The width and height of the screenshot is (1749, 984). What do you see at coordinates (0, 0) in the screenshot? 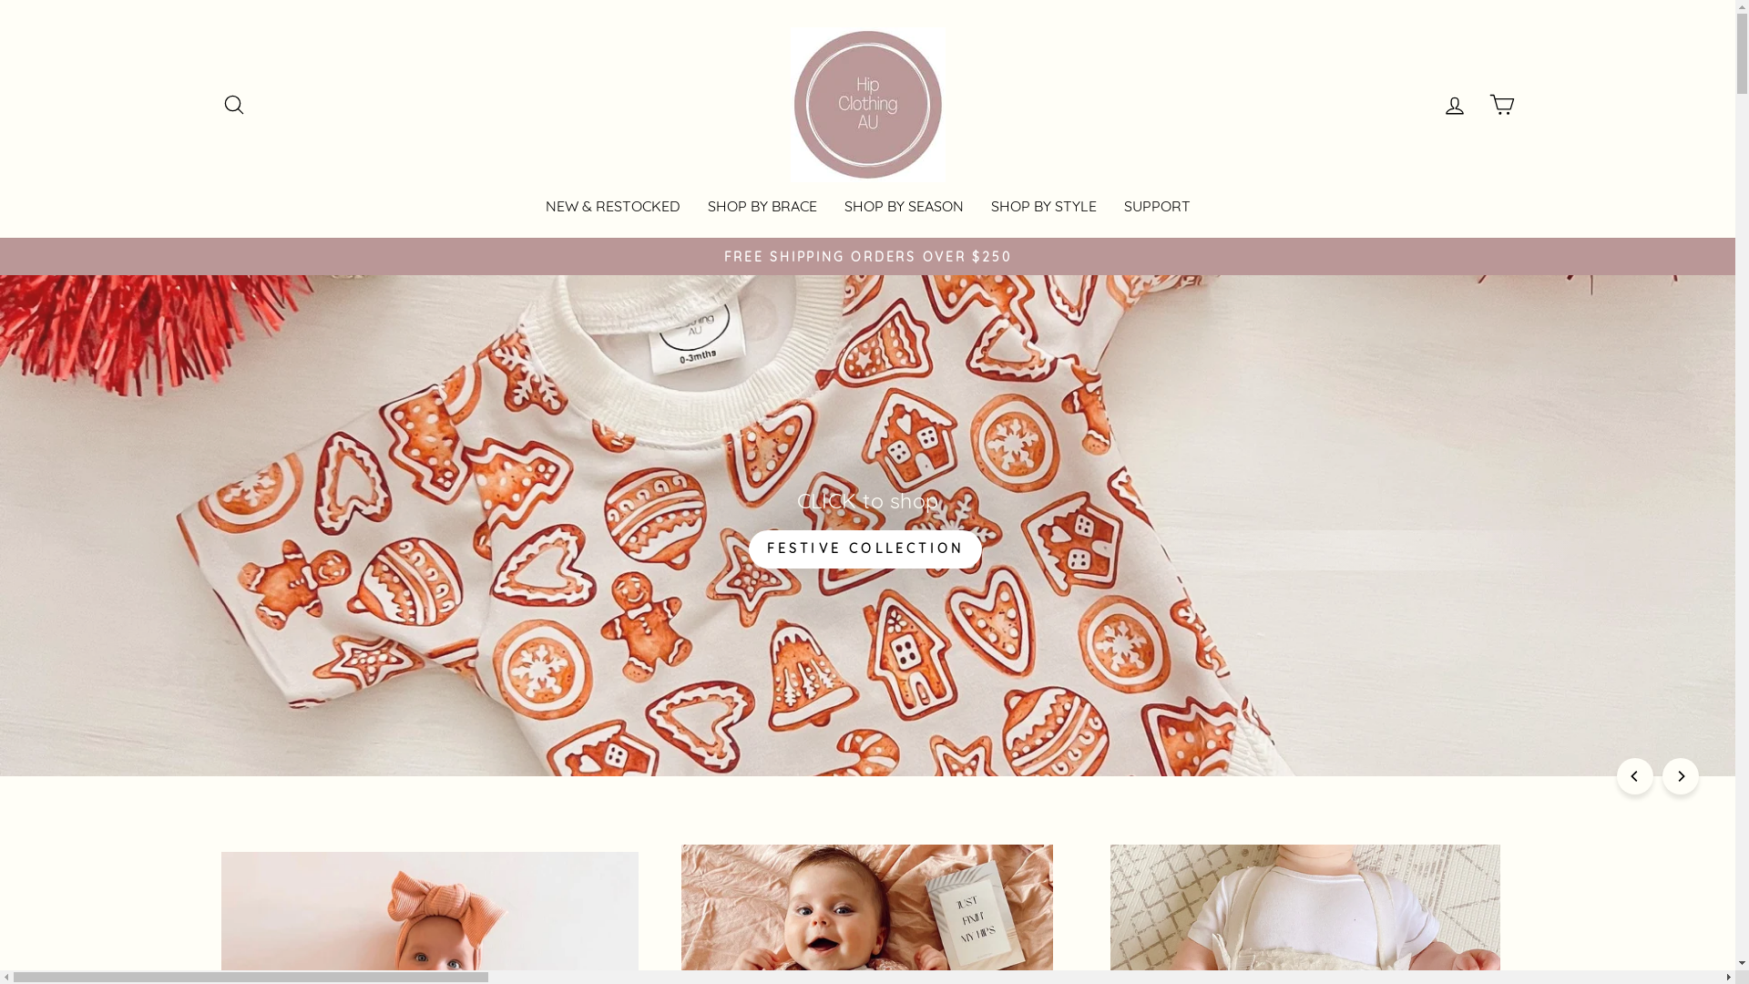
I see `'Skip to content'` at bounding box center [0, 0].